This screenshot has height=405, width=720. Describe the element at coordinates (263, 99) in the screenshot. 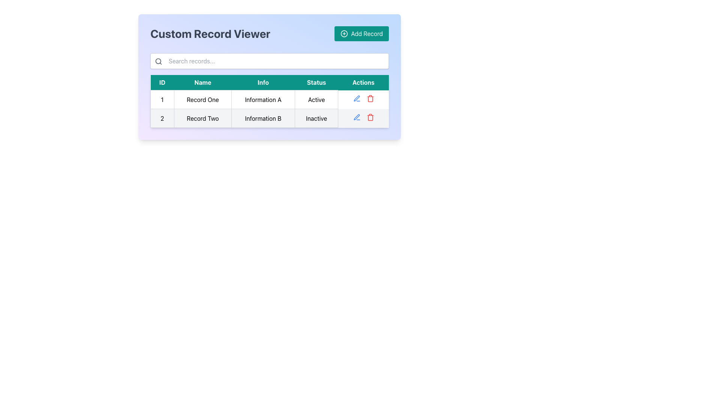

I see `the Text Cell displaying 'Information A' in the third column of the first row within the data table, which is adjacent to 'Record One' and 'Active'` at that location.